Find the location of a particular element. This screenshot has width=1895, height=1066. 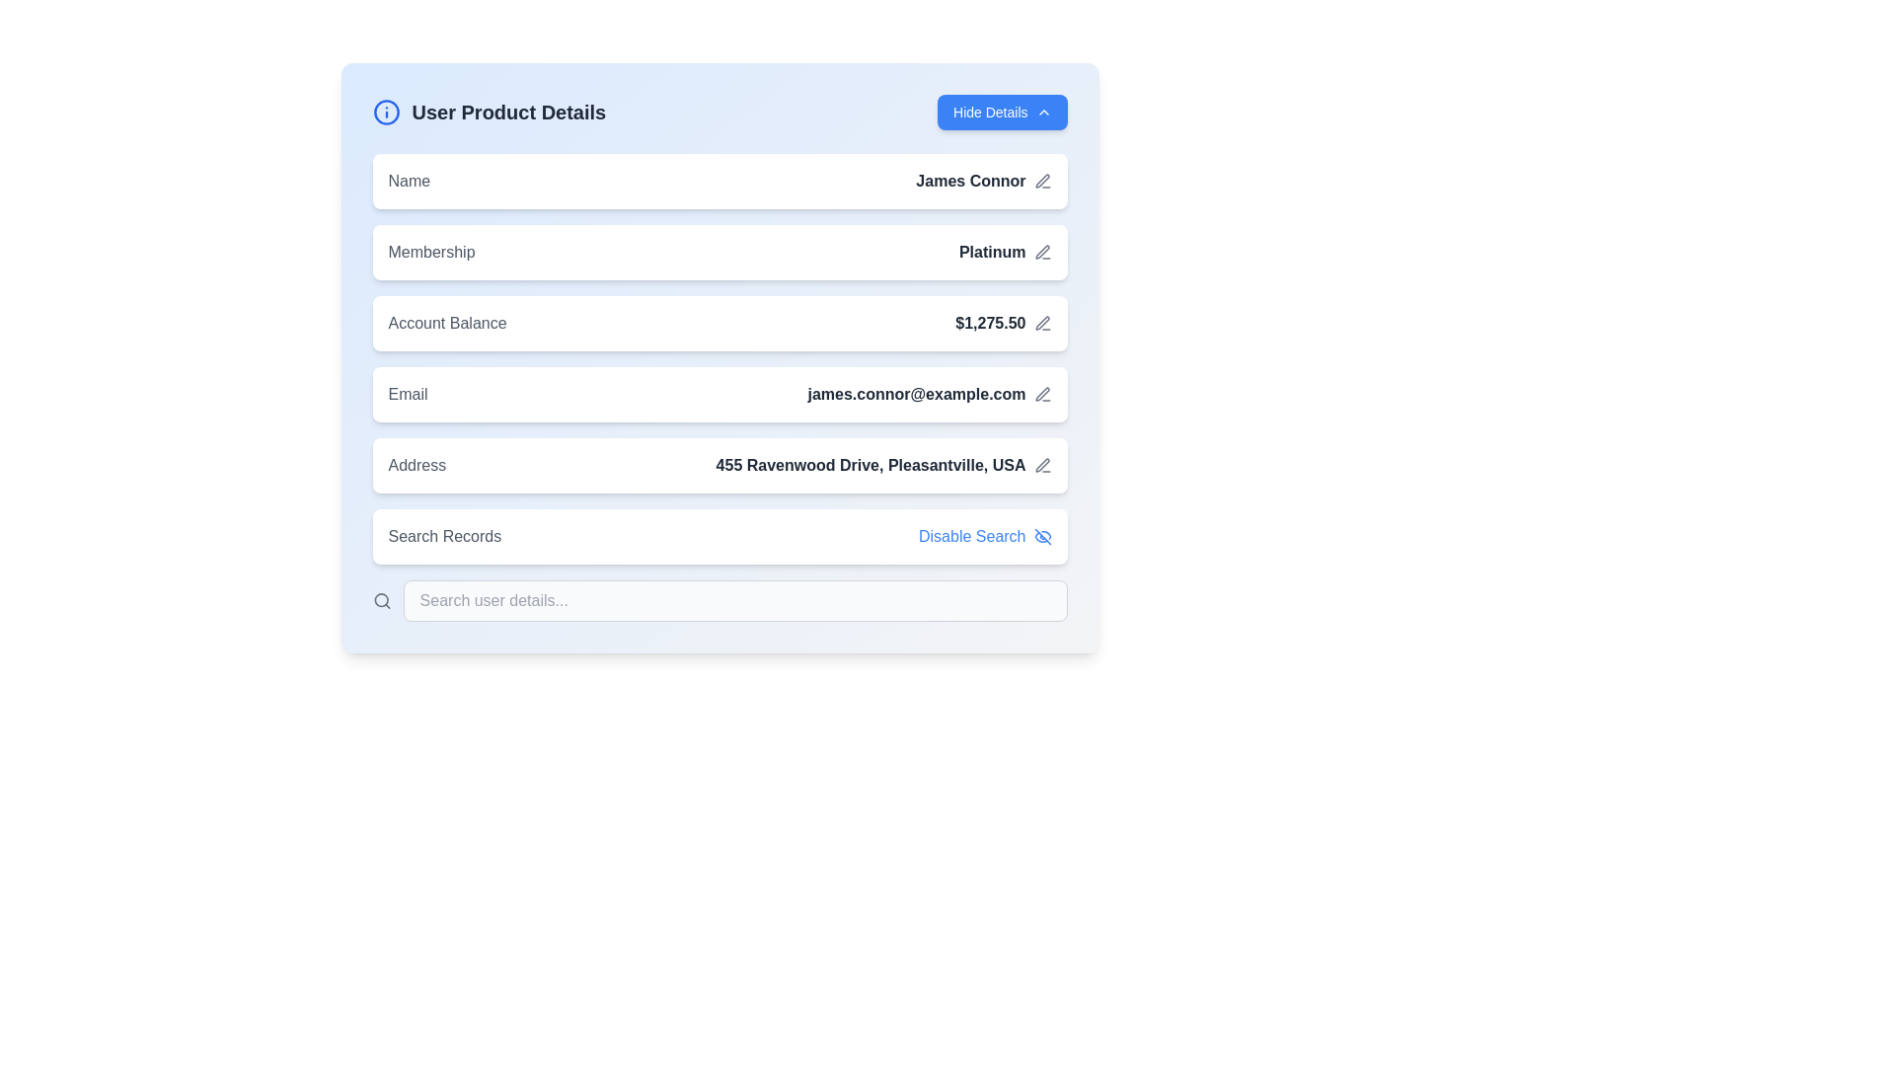

the pen icon associated with the 'Platinum' text label to initiate the editing action is located at coordinates (1005, 251).